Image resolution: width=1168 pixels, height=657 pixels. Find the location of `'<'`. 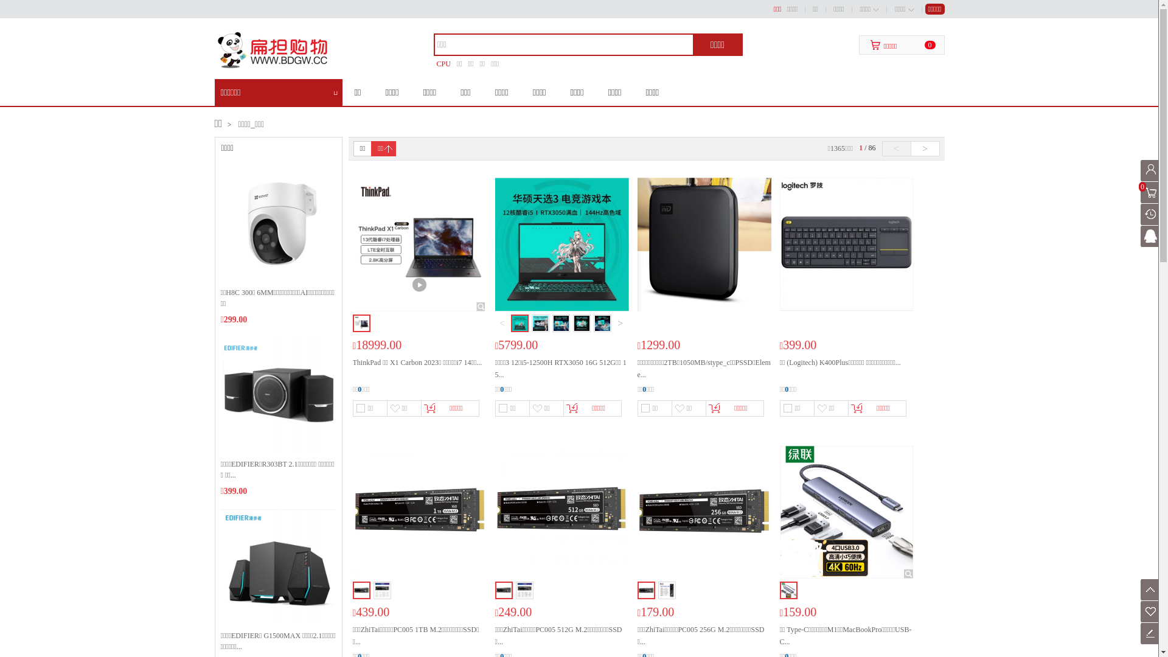

'<' is located at coordinates (881, 148).